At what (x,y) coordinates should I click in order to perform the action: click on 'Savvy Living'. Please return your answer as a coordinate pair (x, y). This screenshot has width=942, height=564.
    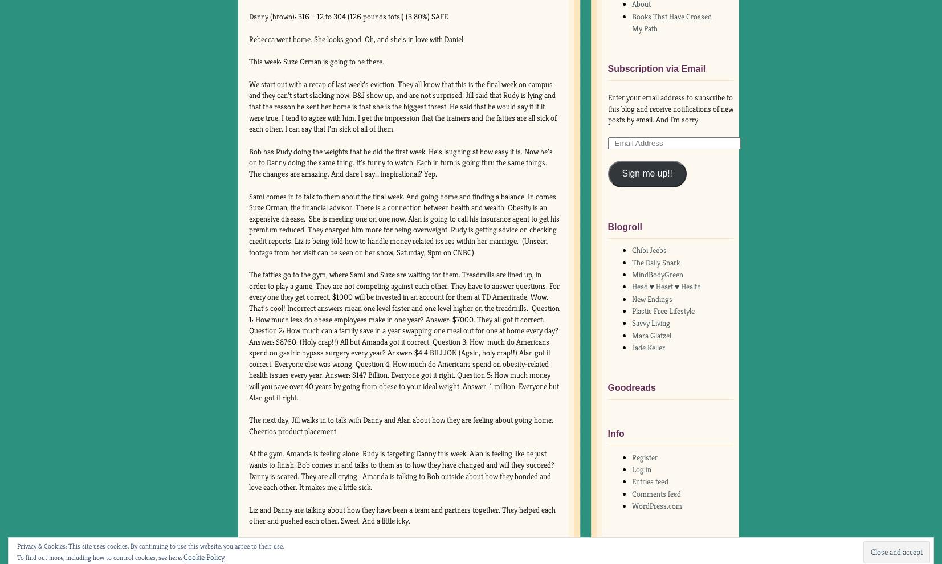
    Looking at the image, I should click on (650, 322).